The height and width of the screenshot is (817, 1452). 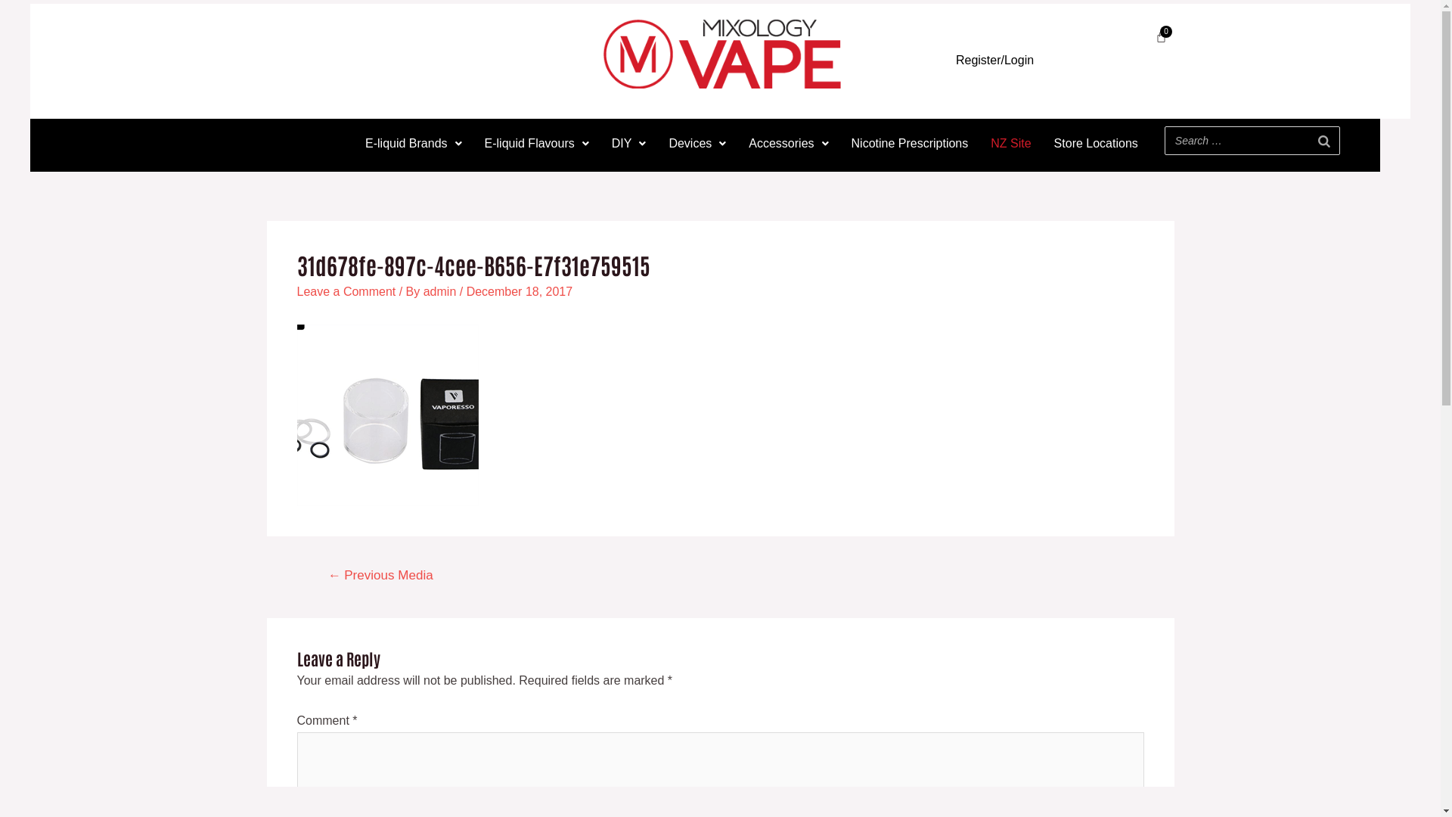 What do you see at coordinates (1160, 36) in the screenshot?
I see `'Cart'` at bounding box center [1160, 36].